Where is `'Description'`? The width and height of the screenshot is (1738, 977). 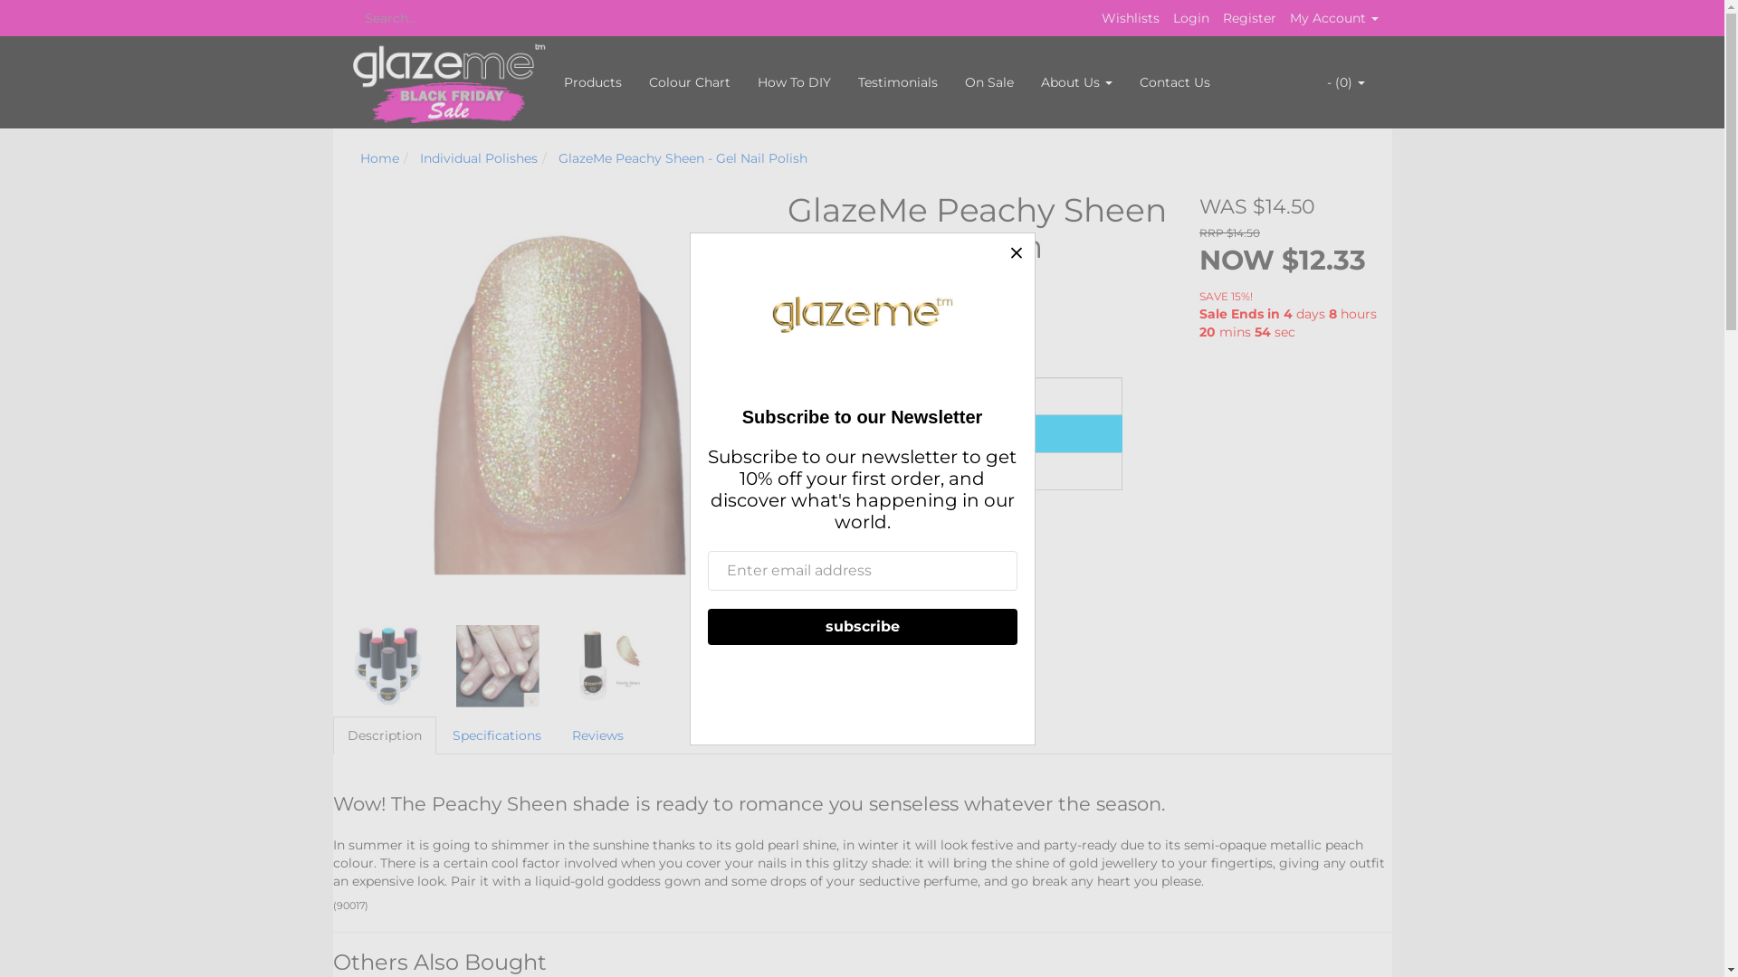 'Description' is located at coordinates (384, 735).